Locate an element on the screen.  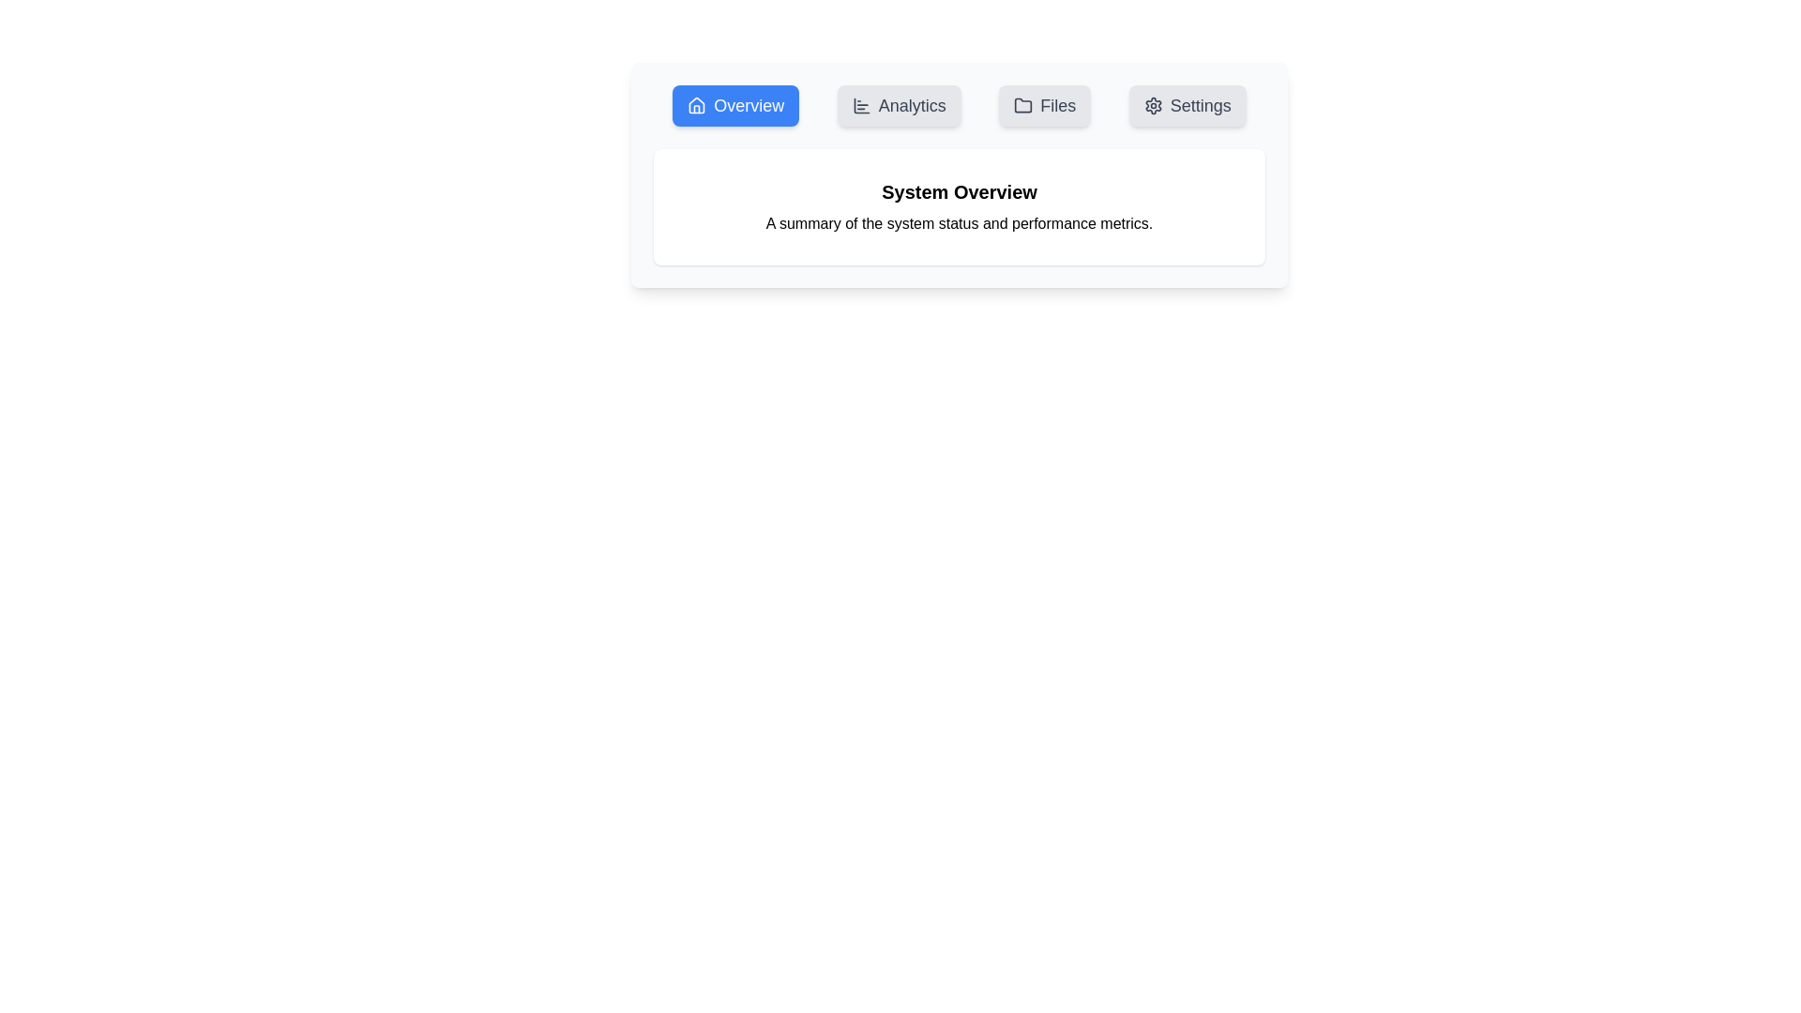
the Label element of the navigation button that indicates navigation to the Overview section, which is the first item in the horizontal navigation menu and has a house icon to its left is located at coordinates (748, 105).